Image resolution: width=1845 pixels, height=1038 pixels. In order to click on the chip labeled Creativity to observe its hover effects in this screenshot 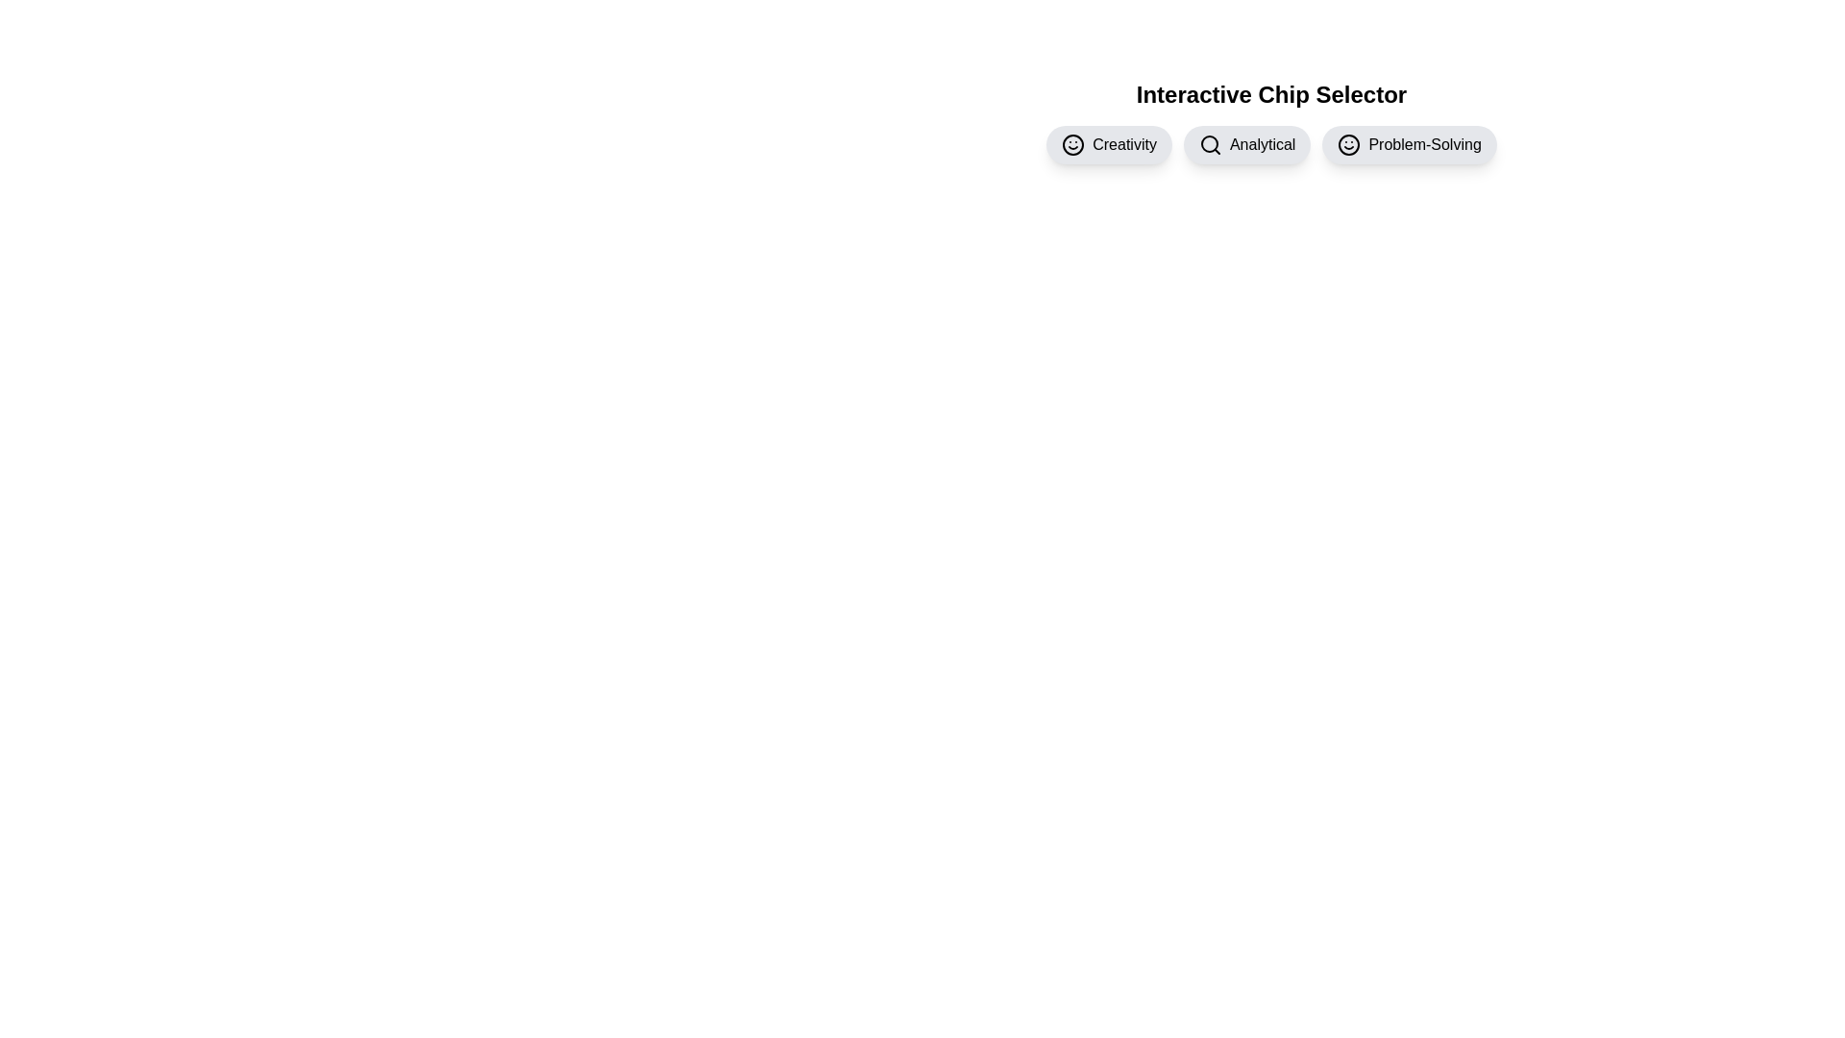, I will do `click(1109, 143)`.